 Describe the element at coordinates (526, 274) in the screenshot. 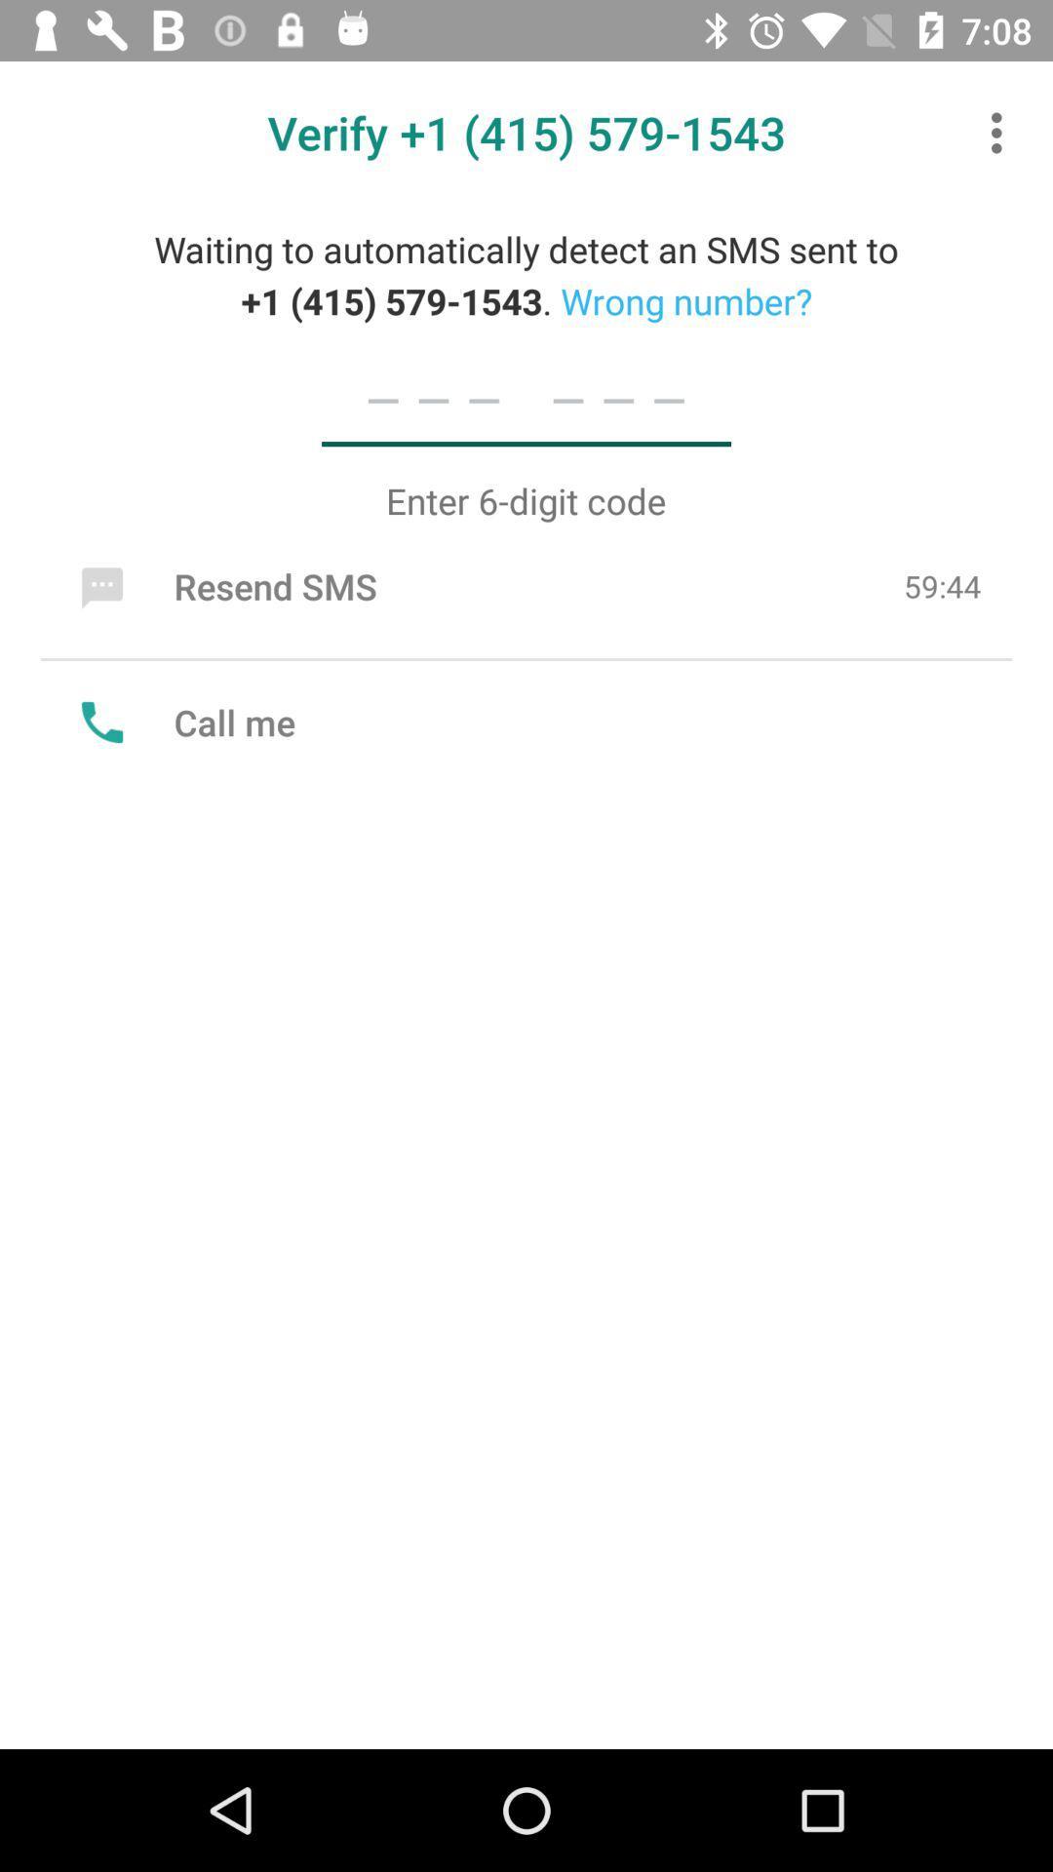

I see `waiting to automatically icon` at that location.